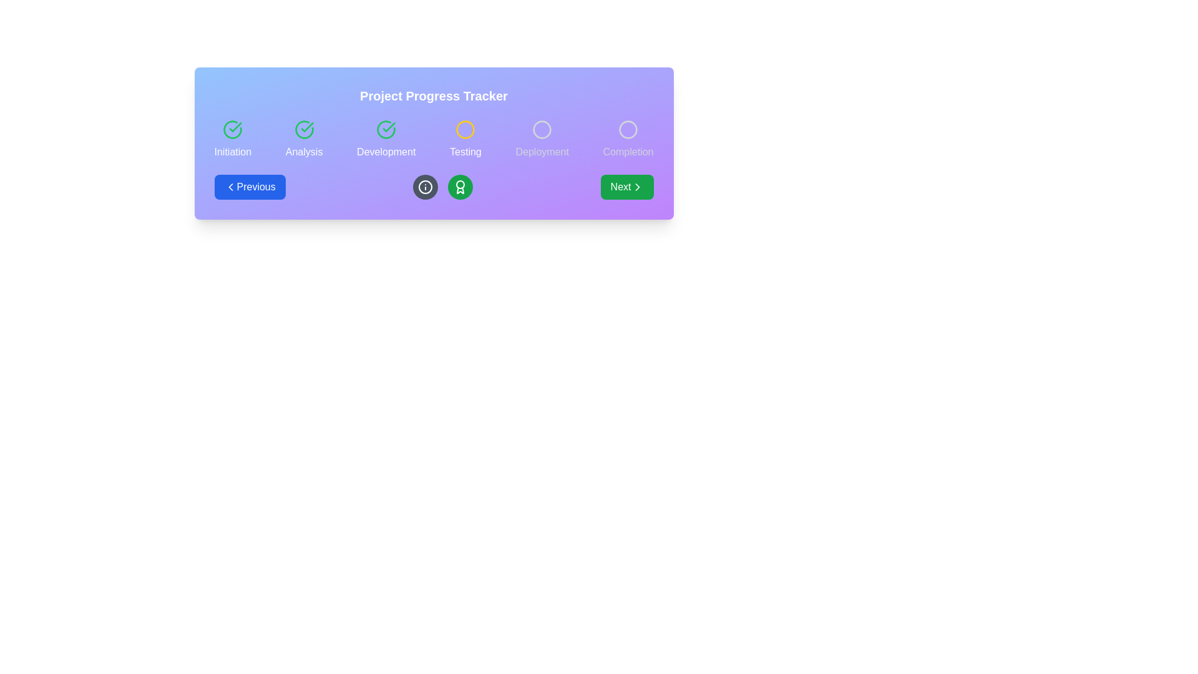 This screenshot has width=1198, height=674. Describe the element at coordinates (460, 187) in the screenshot. I see `the green circular button surrounding the decorative or informational icon located centrally in the bottom row of the interface, positioned to the right of the circular icon with an 'i' and to the left of the 'Testing' progress step indicator` at that location.